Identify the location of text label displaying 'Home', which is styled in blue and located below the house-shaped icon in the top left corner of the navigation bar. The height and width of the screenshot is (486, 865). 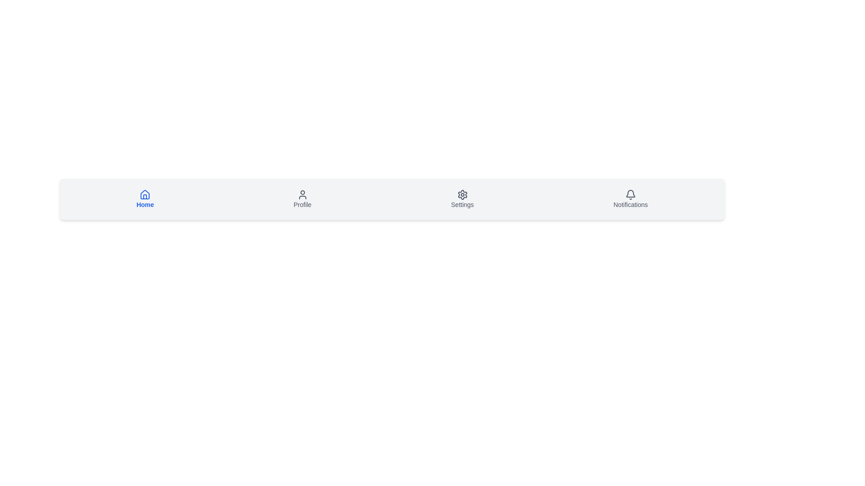
(145, 205).